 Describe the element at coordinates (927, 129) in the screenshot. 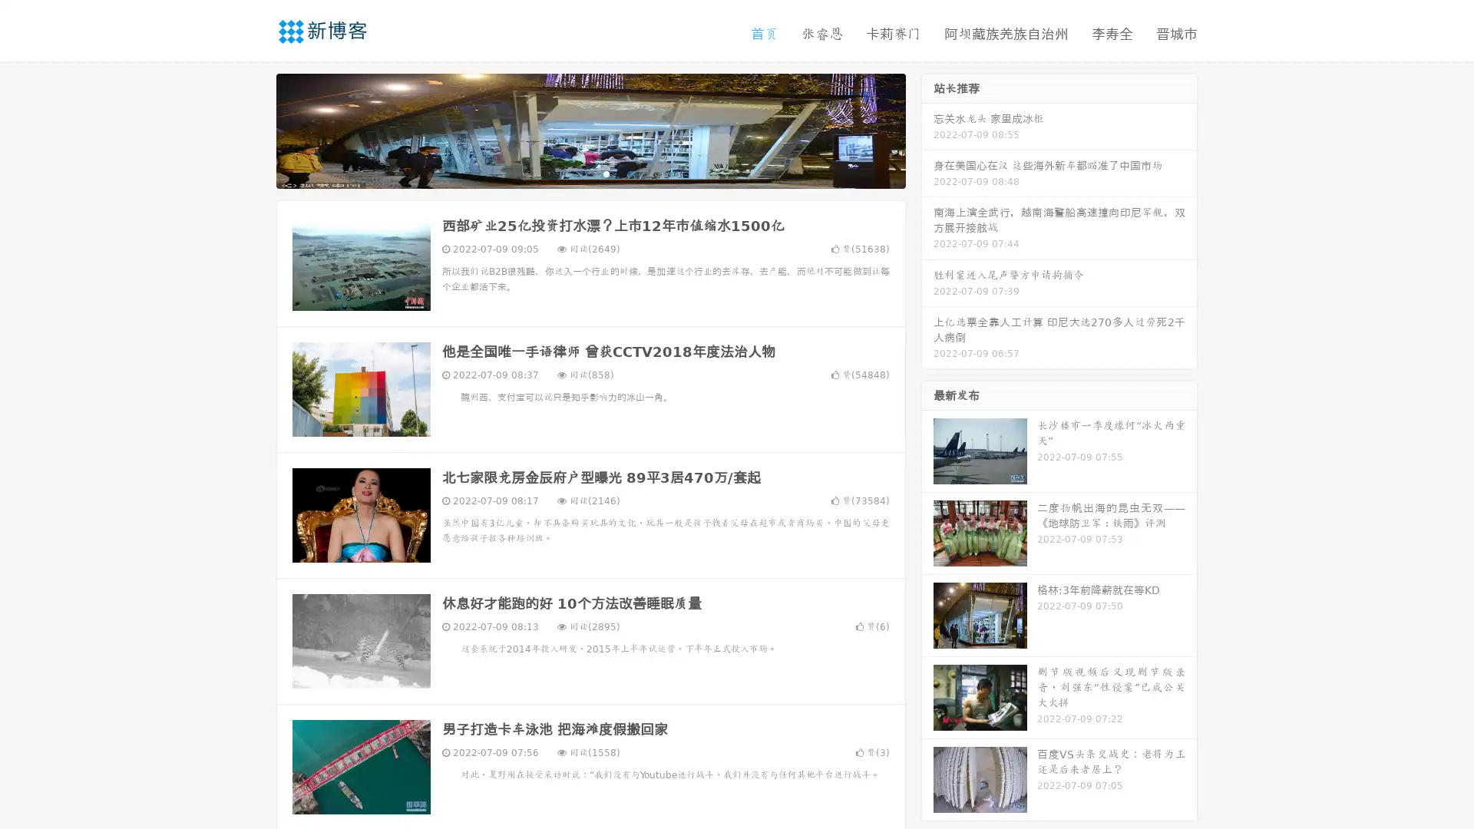

I see `Next slide` at that location.